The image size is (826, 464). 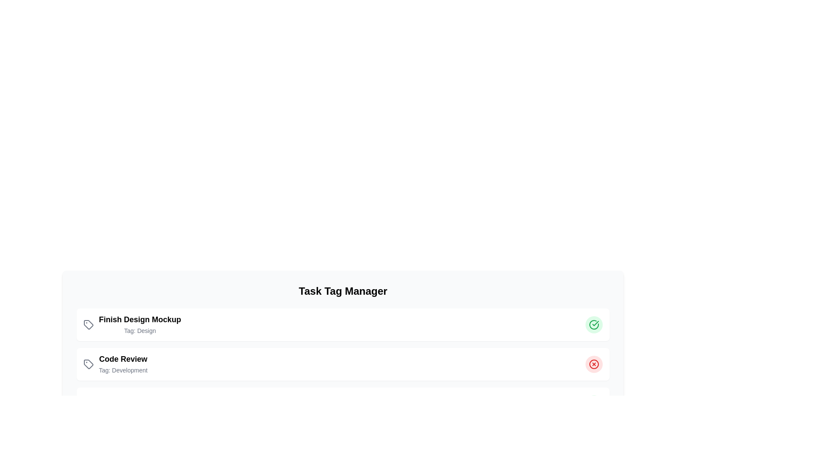 I want to click on text displayed in the smaller gray font that says 'Tag: Design', which is positioned under the heading 'Finish Design Mockup', so click(x=140, y=330).